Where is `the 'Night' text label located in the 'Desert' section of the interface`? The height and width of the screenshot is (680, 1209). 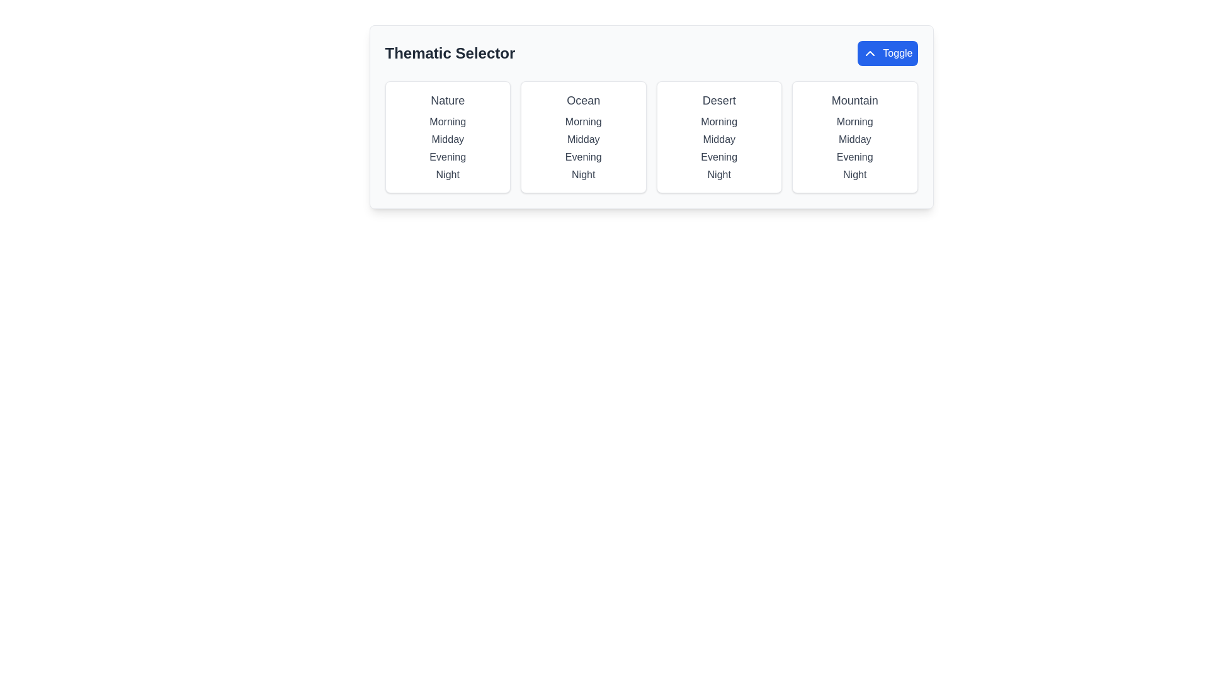 the 'Night' text label located in the 'Desert' section of the interface is located at coordinates (719, 174).